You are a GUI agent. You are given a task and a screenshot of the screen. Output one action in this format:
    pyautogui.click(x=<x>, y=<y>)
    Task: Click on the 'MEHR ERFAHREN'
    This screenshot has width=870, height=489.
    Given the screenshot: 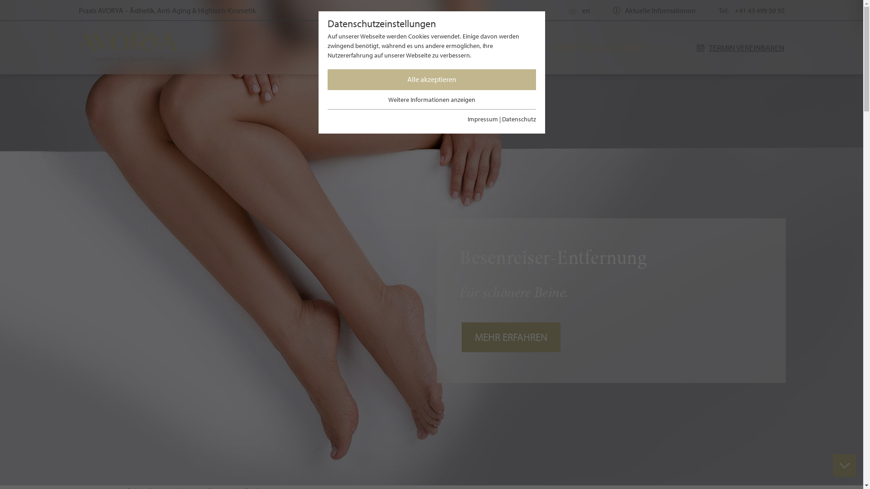 What is the action you would take?
    pyautogui.click(x=511, y=337)
    